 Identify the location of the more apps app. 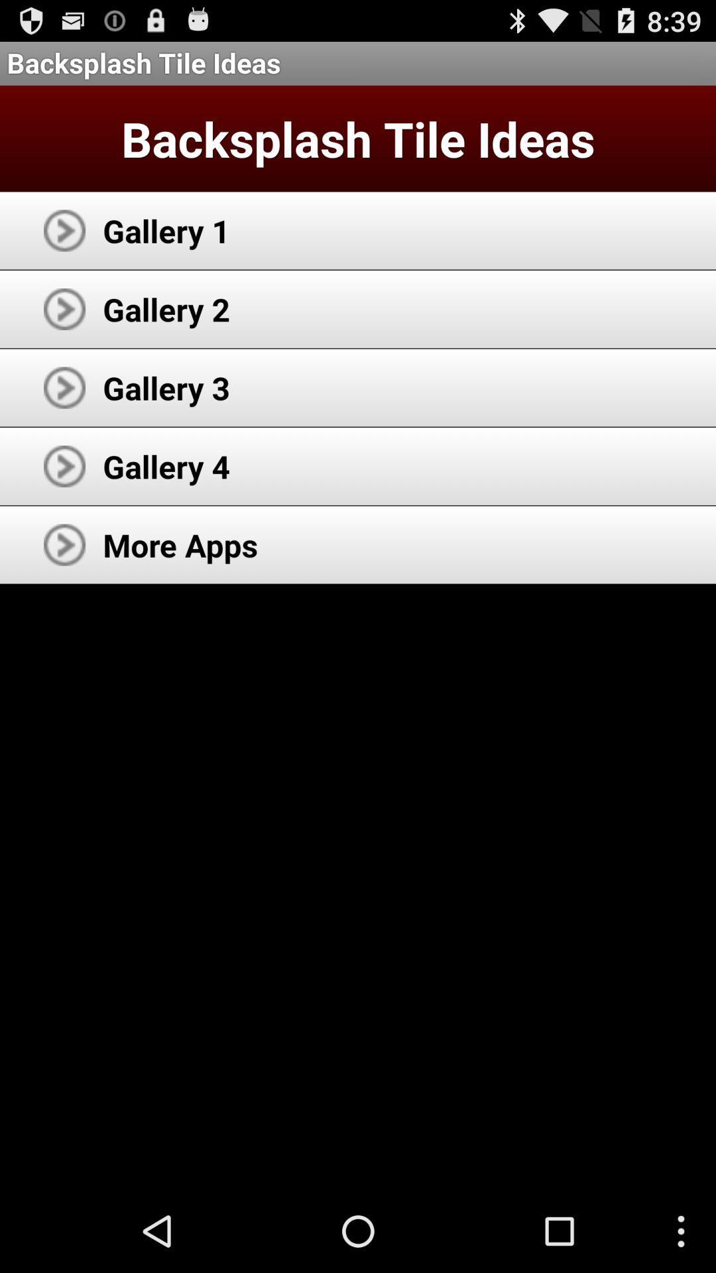
(180, 544).